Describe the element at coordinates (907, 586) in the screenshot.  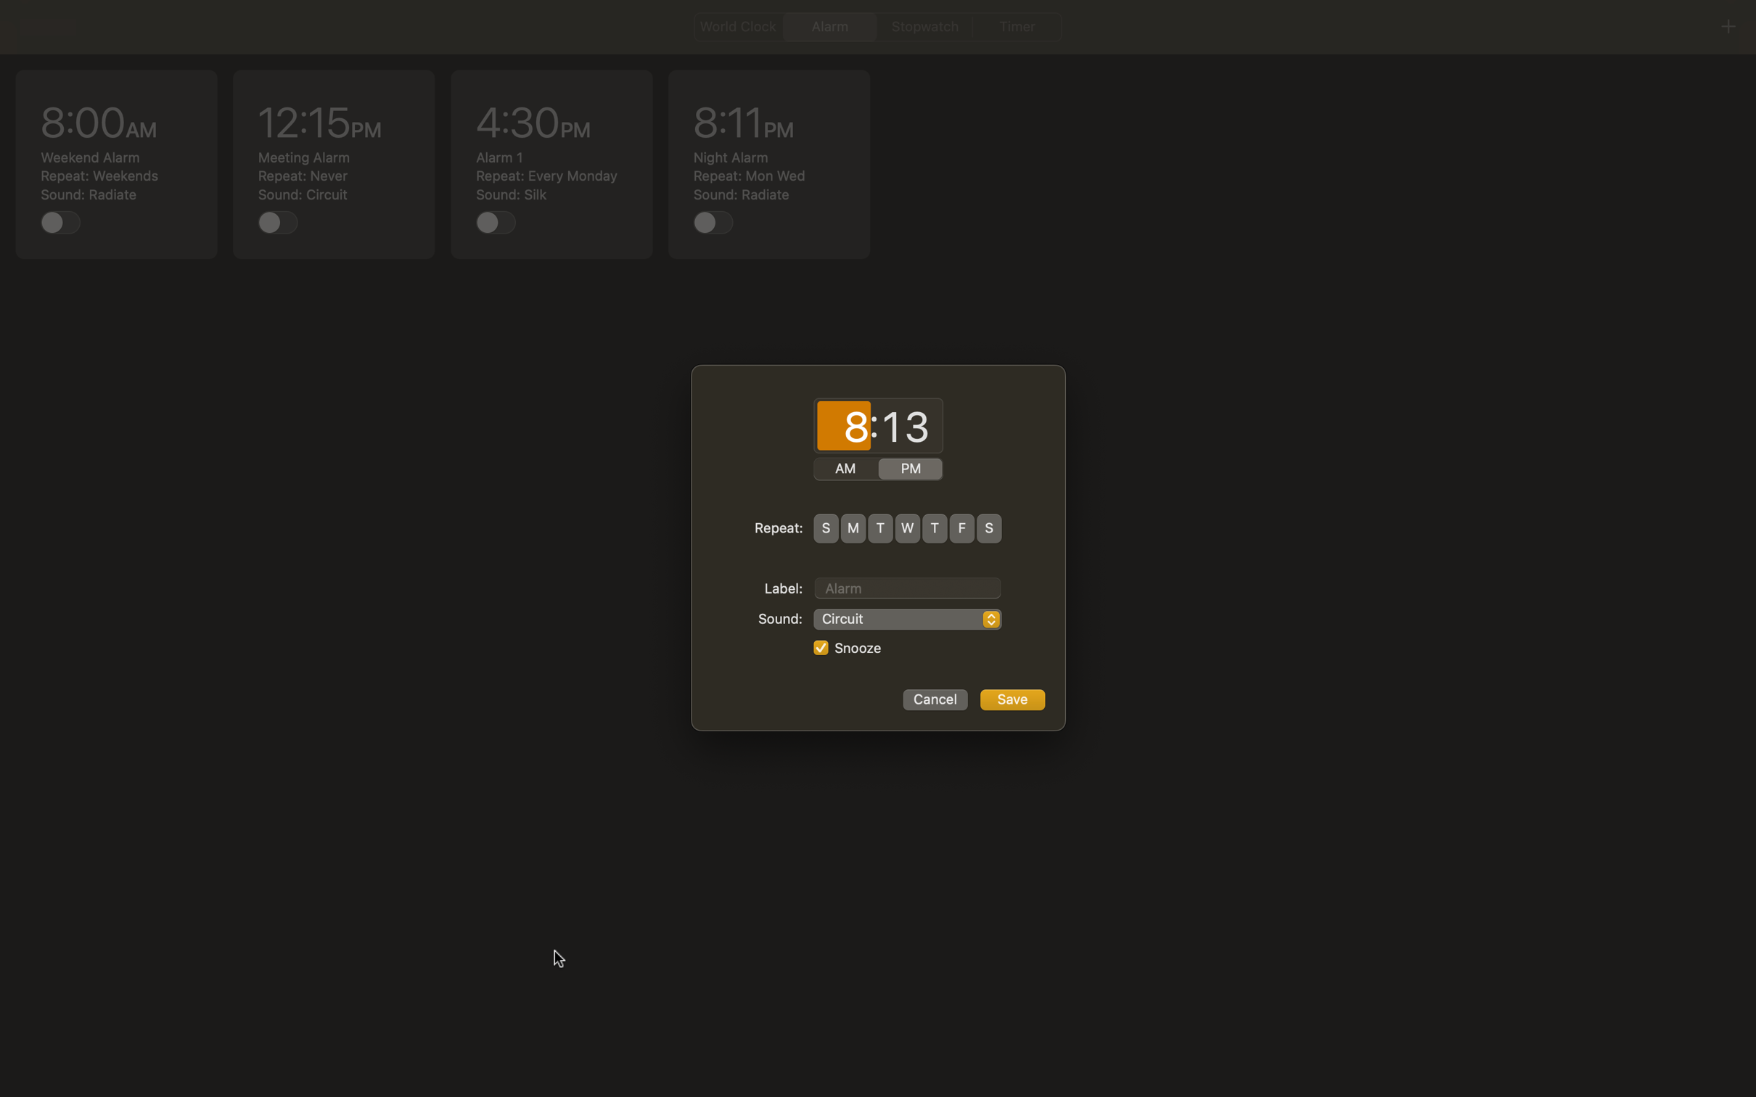
I see `Assign "Morning Jog" as the alarm name` at that location.